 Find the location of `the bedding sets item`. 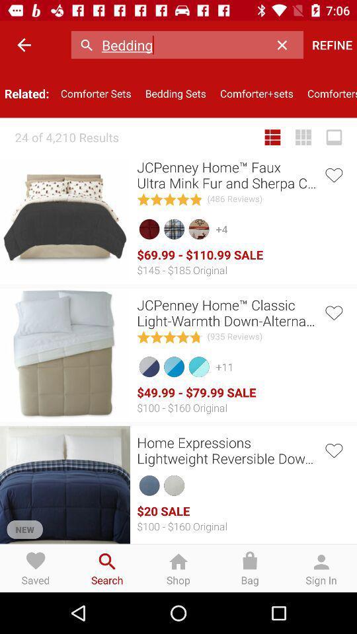

the bedding sets item is located at coordinates (175, 92).